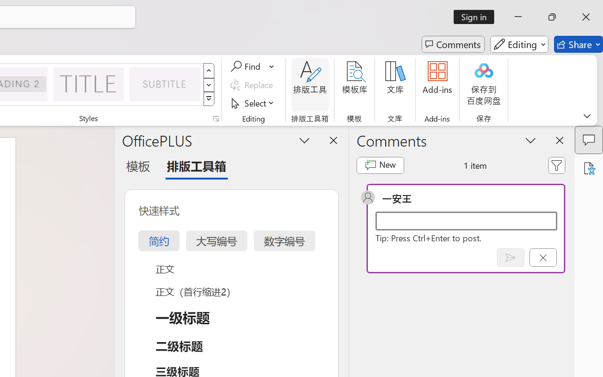  What do you see at coordinates (588, 168) in the screenshot?
I see `'Accessibility Assistant'` at bounding box center [588, 168].